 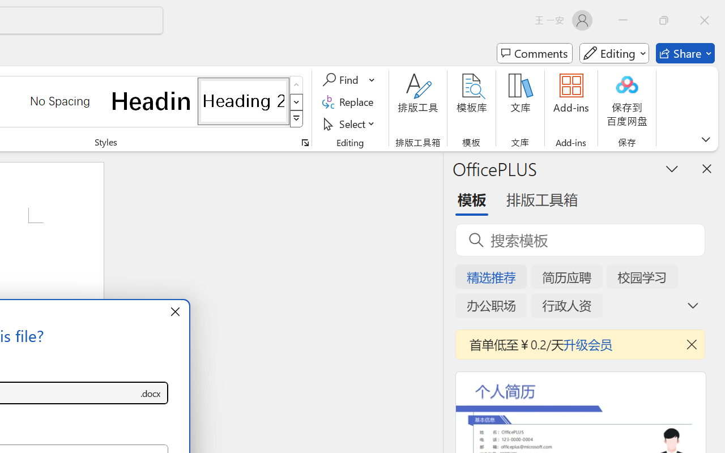 I want to click on 'Row up', so click(x=296, y=85).